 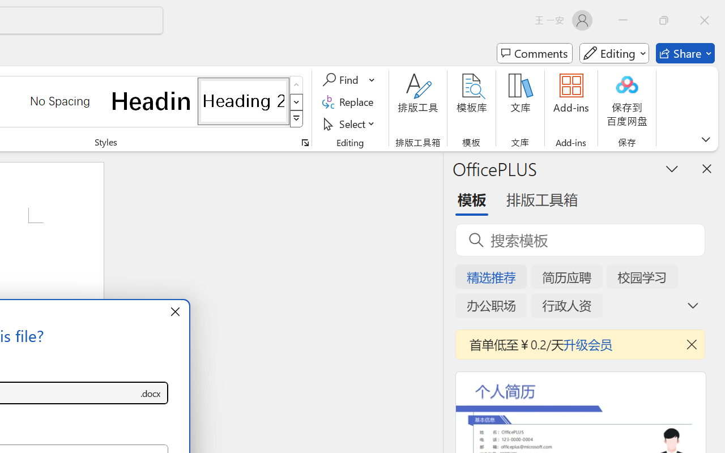 I want to click on 'Row up', so click(x=296, y=85).